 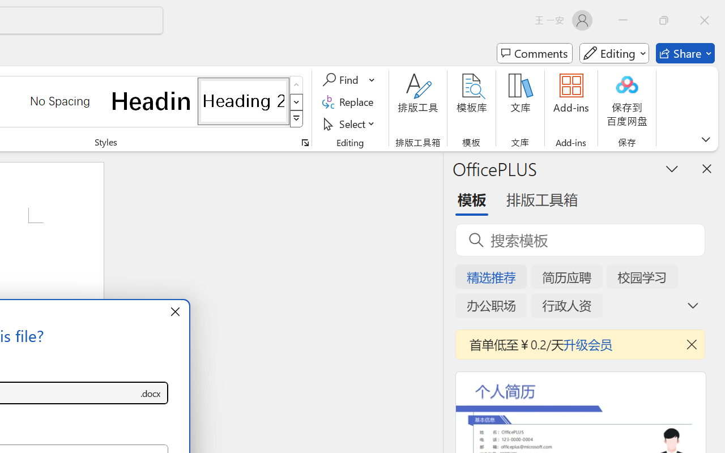 I want to click on 'Row up', so click(x=296, y=85).